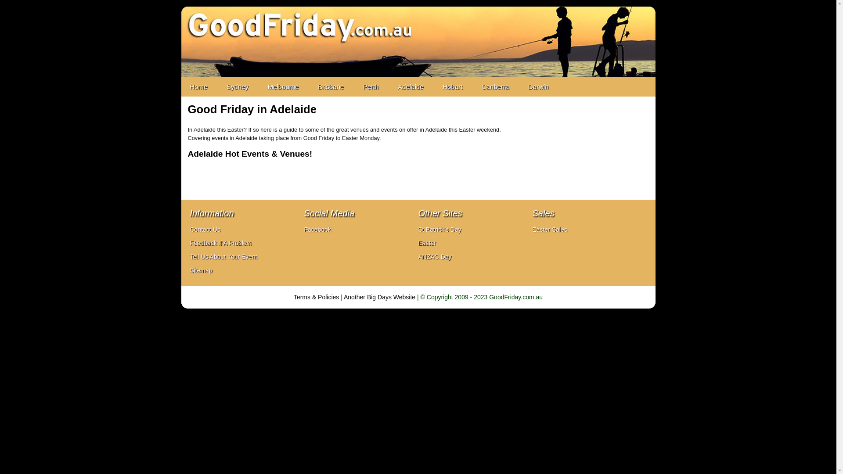  I want to click on 'Sydney', so click(238, 86).